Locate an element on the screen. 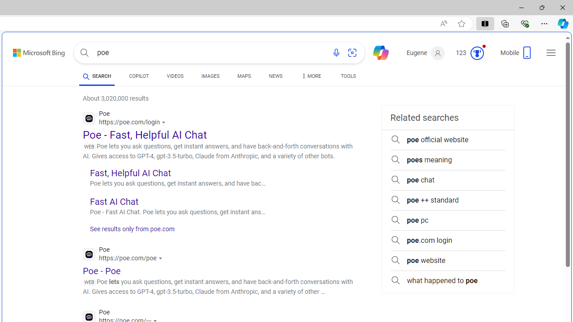  'poe pc' is located at coordinates (448, 220).